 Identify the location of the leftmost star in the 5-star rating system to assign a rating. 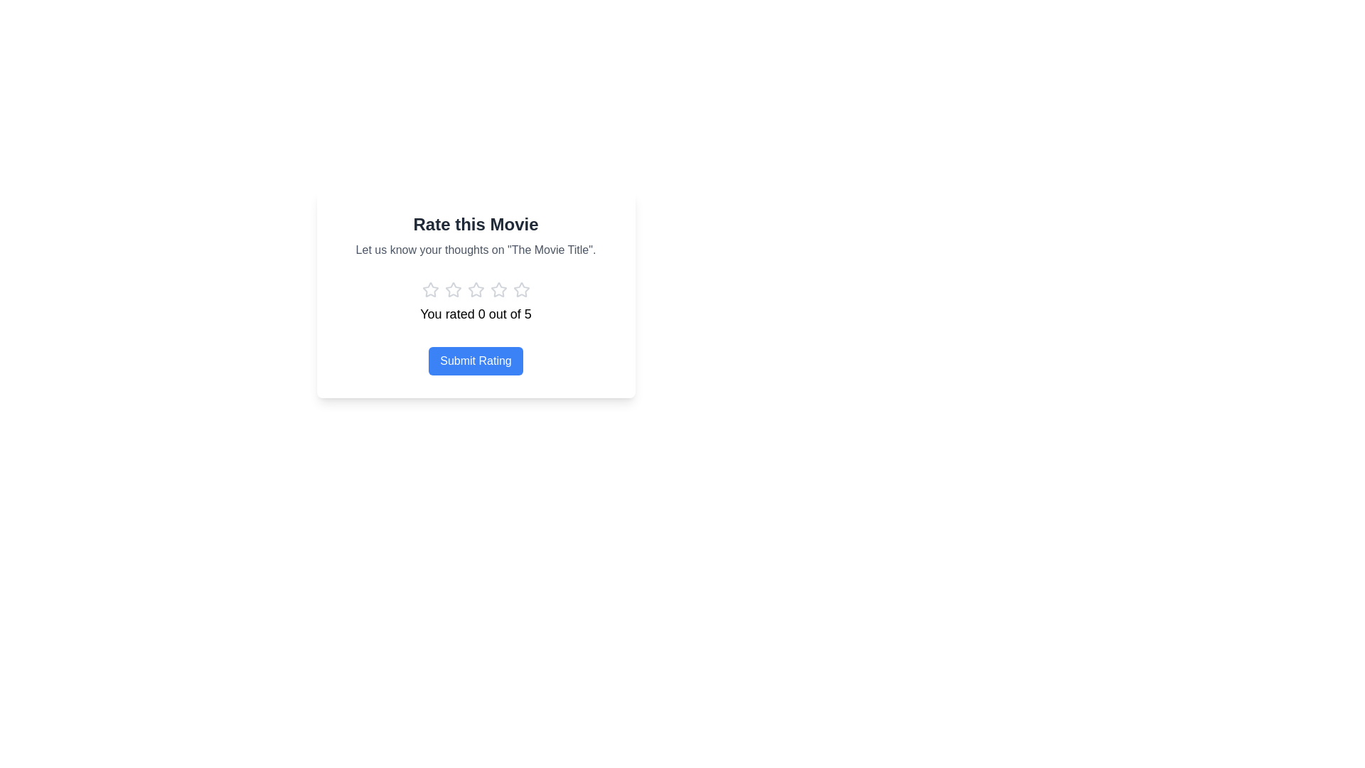
(429, 289).